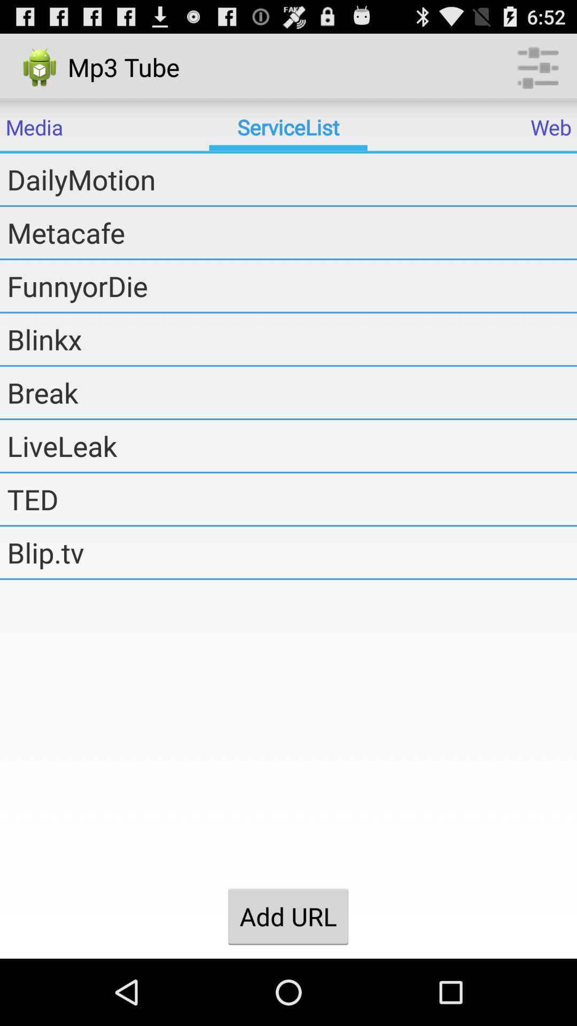 The image size is (577, 1026). What do you see at coordinates (537, 66) in the screenshot?
I see `the icon next to mp3 tube icon` at bounding box center [537, 66].